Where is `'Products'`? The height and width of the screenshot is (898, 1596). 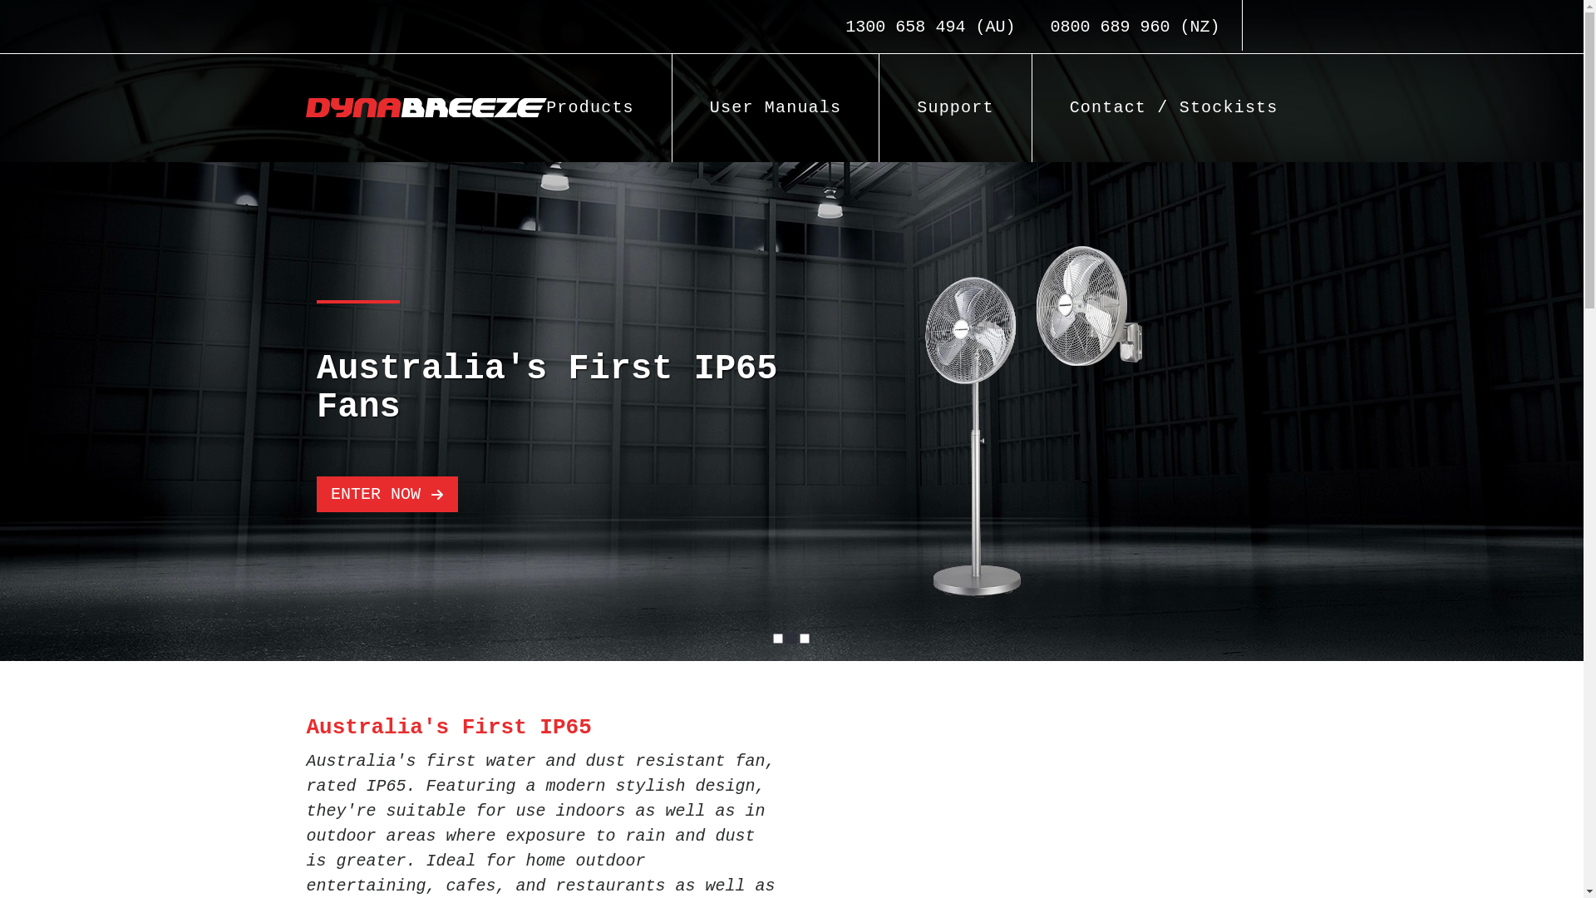 'Products' is located at coordinates (590, 108).